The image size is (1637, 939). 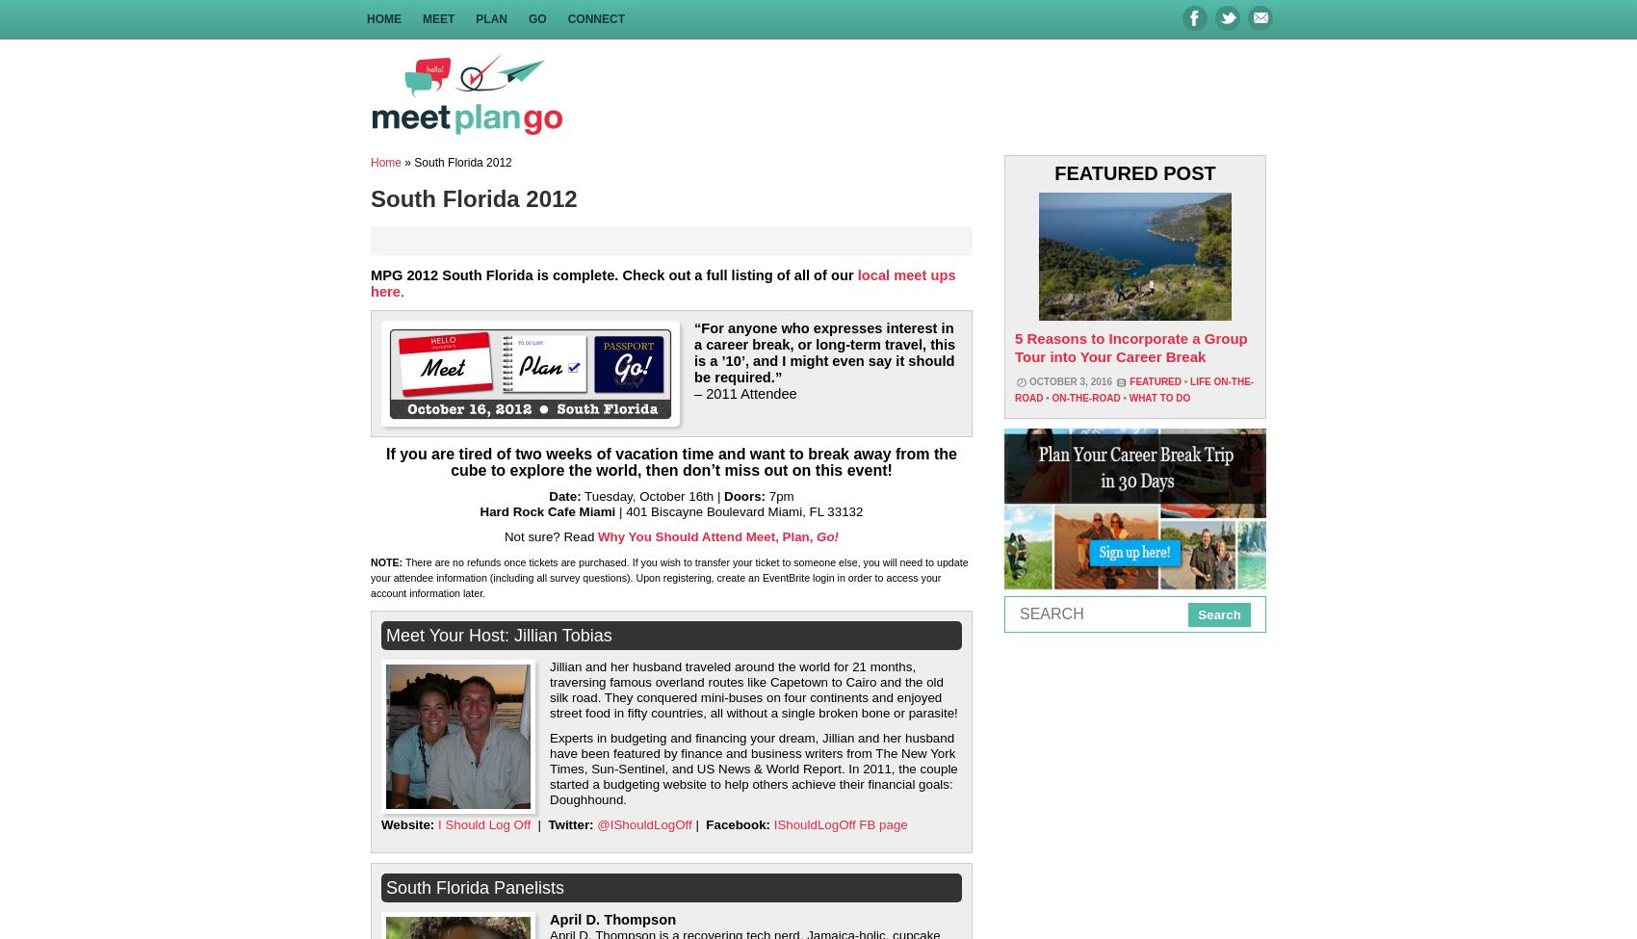 I want to click on 'Experts in budgeting and financing your dream, Jillian and her husband have been featured by finance and business writers from The New York Times, Sun-Sentinel, and US News & World Report. In 2011, the couple started a budgeting website to help others achieve their financial goals: Doughhound.', so click(x=752, y=769).